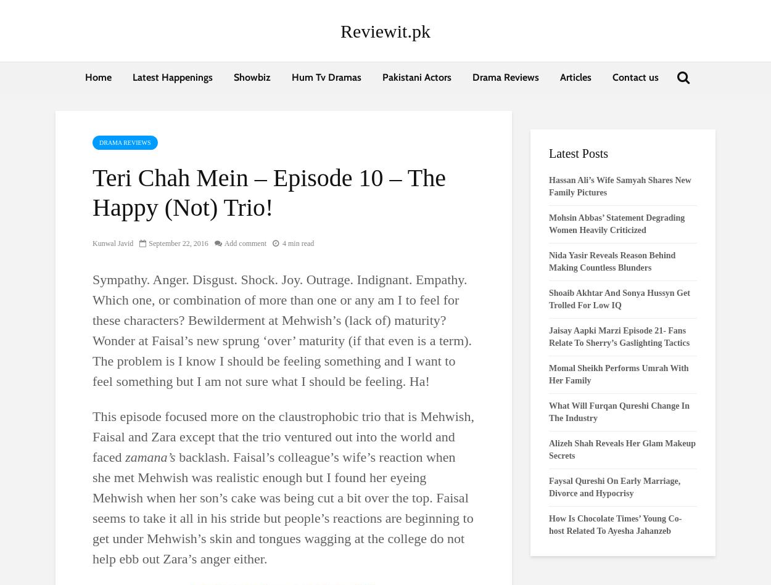 The width and height of the screenshot is (771, 585). I want to click on 'Latest Happenings', so click(172, 77).